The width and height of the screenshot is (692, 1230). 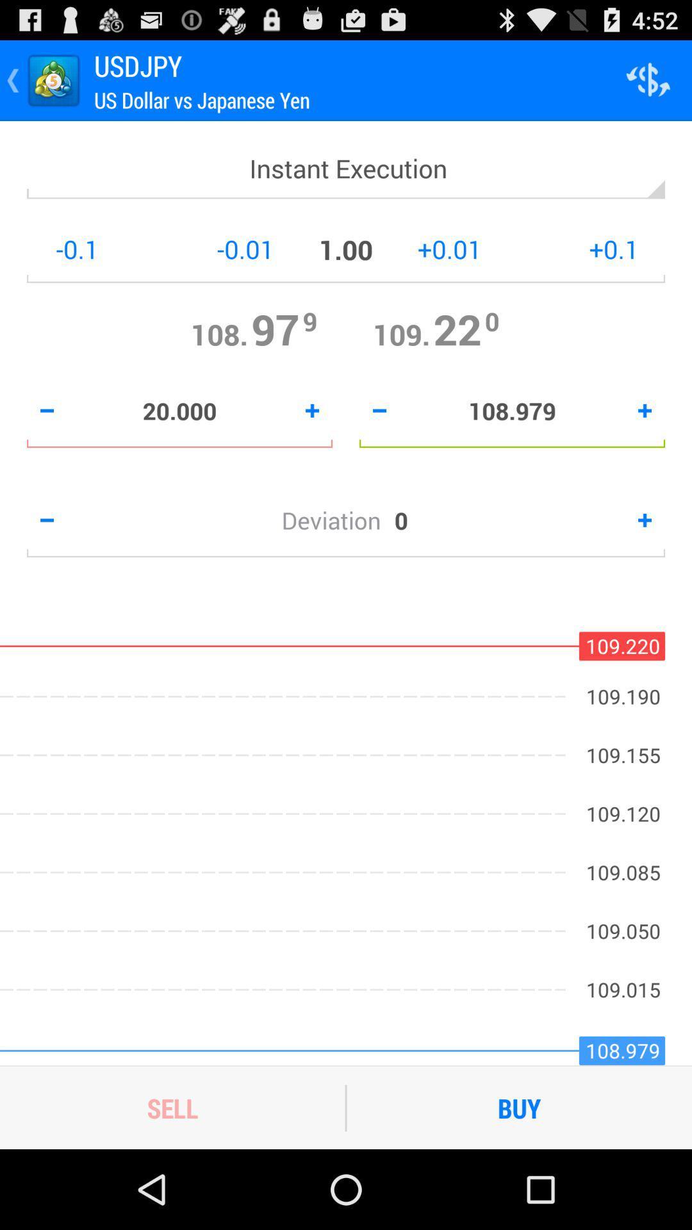 I want to click on the buy icon, so click(x=519, y=1107).